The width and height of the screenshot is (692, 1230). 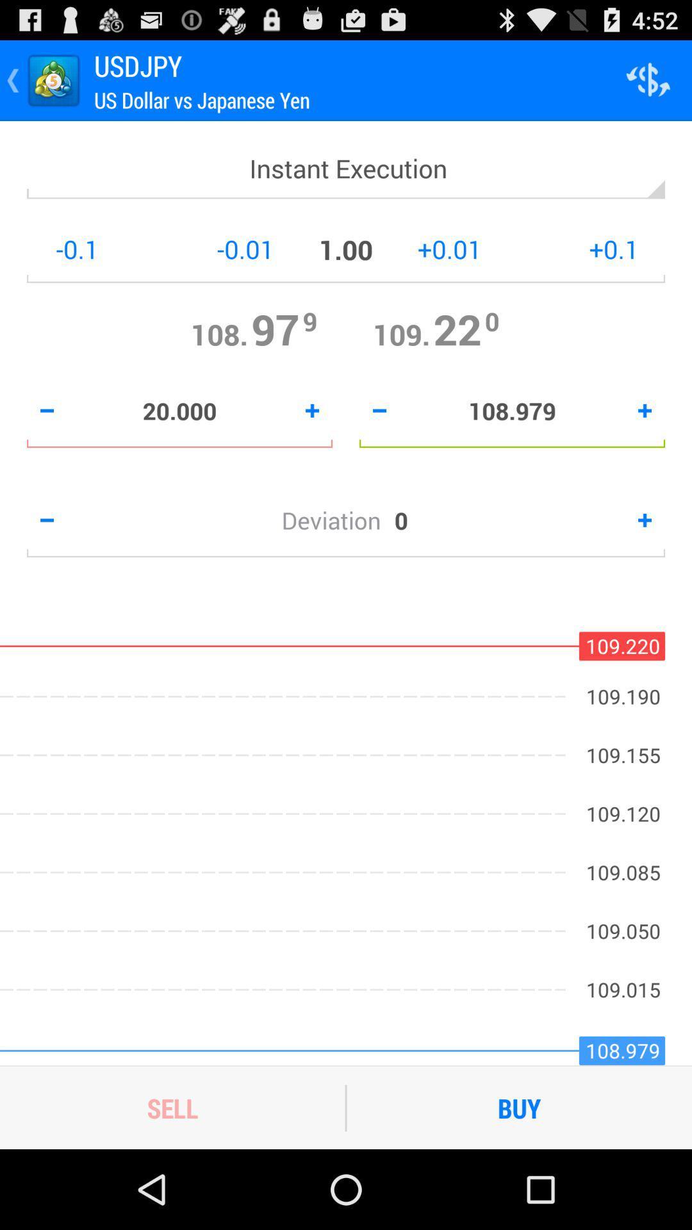 I want to click on the buy icon, so click(x=519, y=1107).